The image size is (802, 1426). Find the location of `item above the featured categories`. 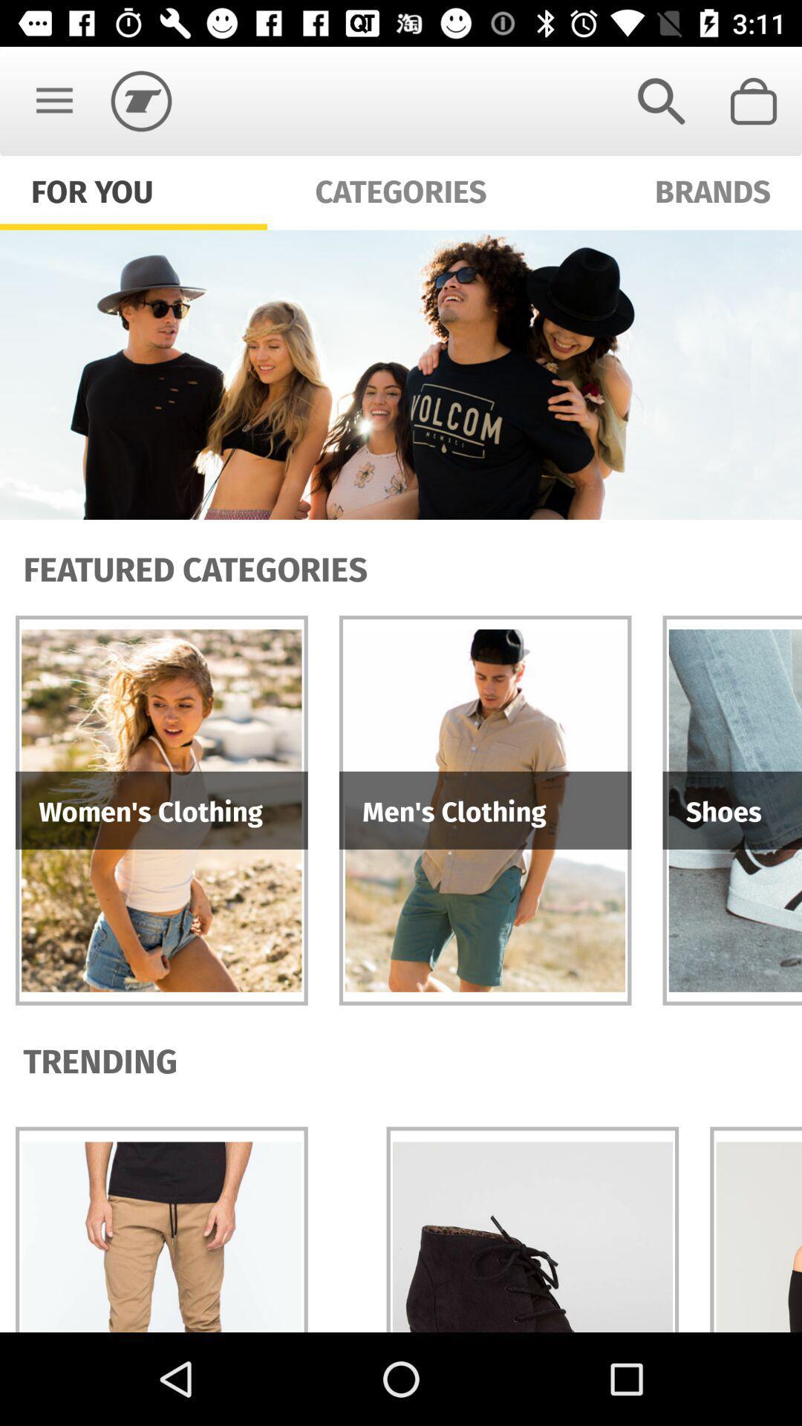

item above the featured categories is located at coordinates (401, 374).